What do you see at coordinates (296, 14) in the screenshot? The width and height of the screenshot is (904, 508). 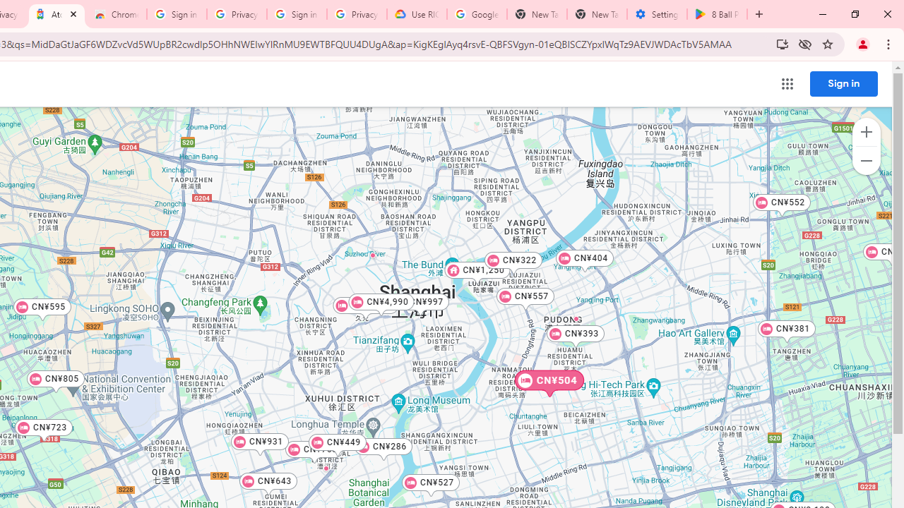 I see `'Sign in - Google Accounts'` at bounding box center [296, 14].